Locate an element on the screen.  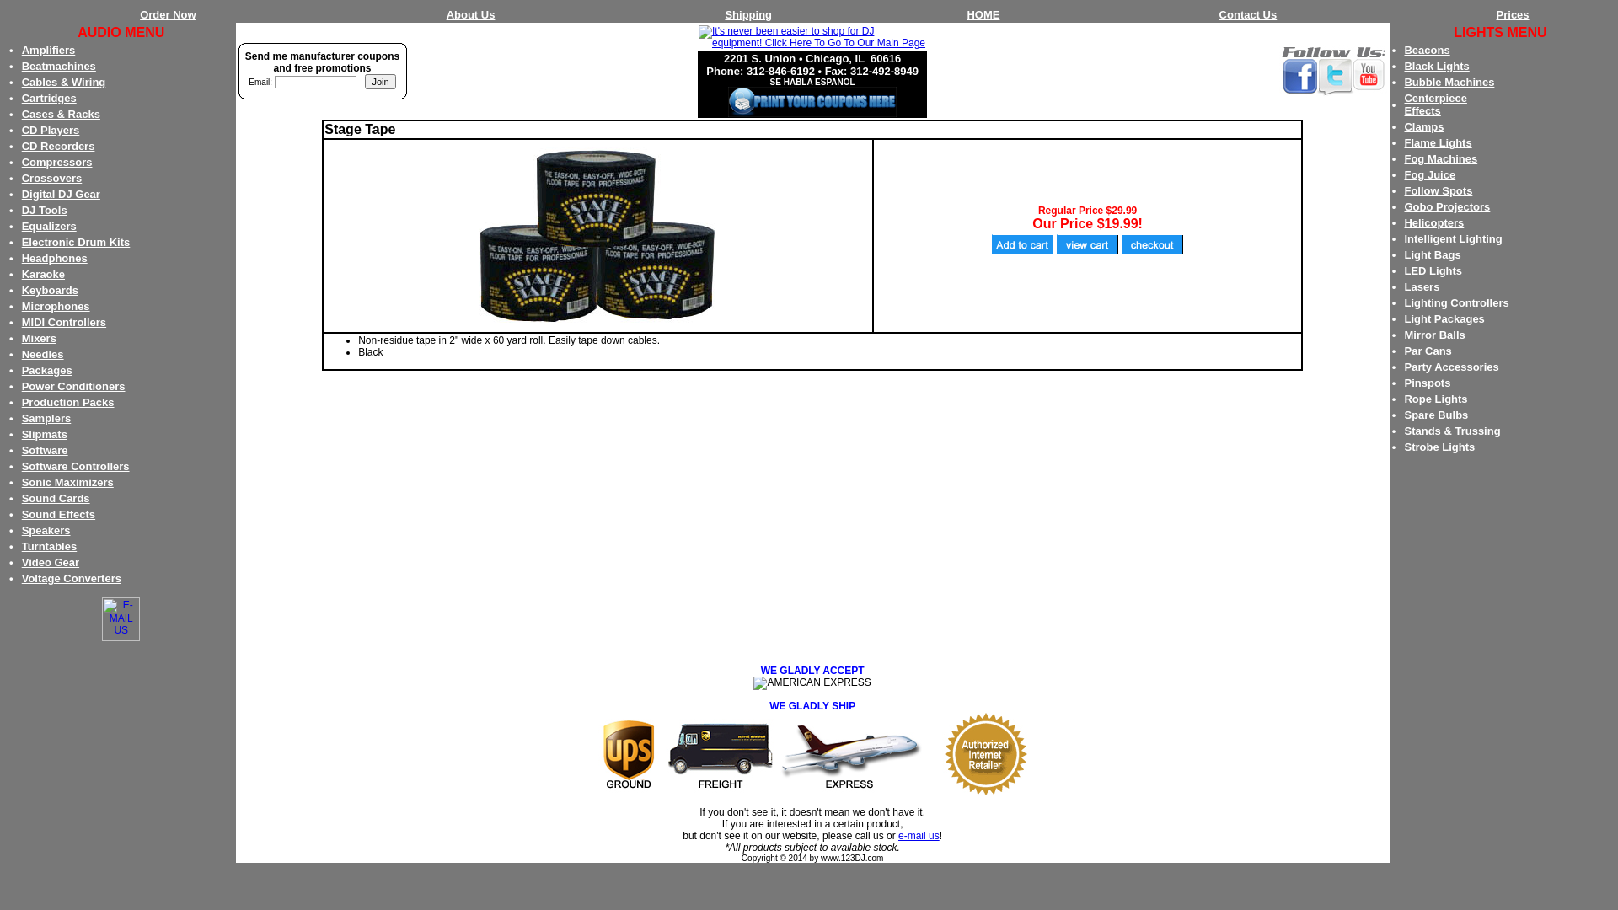
'Packages' is located at coordinates (47, 369).